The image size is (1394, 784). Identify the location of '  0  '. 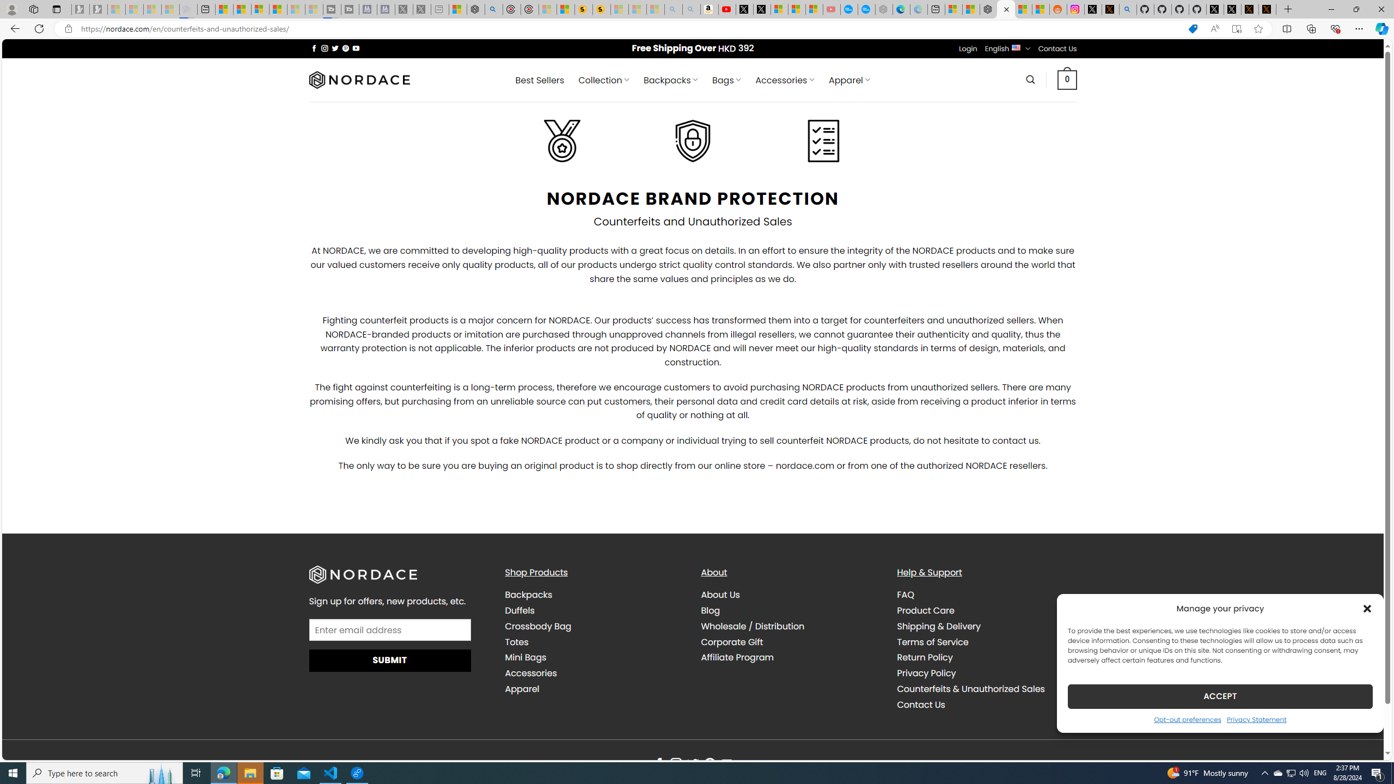
(1067, 79).